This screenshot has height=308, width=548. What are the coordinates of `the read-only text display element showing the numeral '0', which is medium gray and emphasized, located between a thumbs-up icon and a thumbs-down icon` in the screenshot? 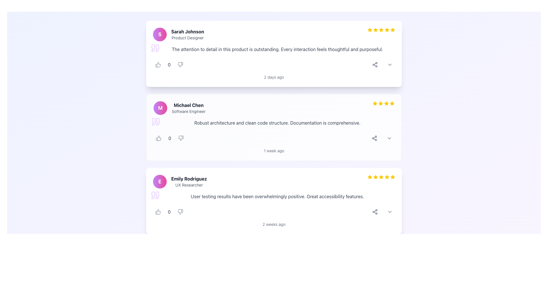 It's located at (169, 64).